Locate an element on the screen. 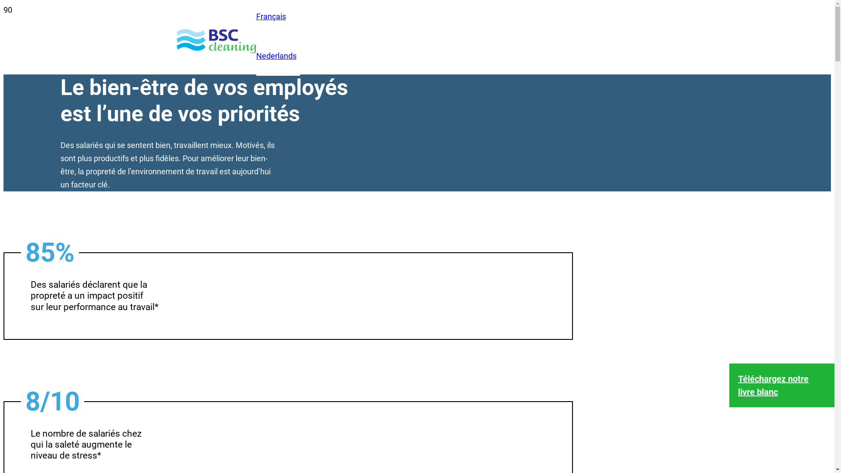 Image resolution: width=841 pixels, height=473 pixels. 'Nederlands' is located at coordinates (275, 56).